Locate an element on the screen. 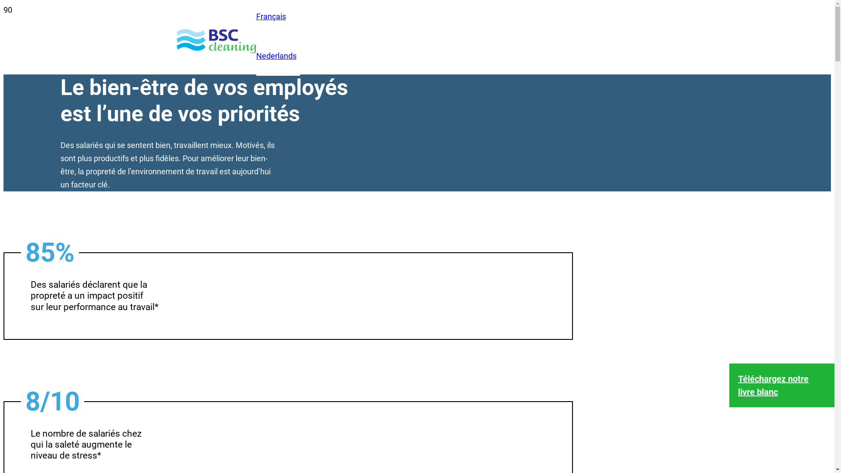 Image resolution: width=841 pixels, height=473 pixels. 'Nederlands' is located at coordinates (275, 56).